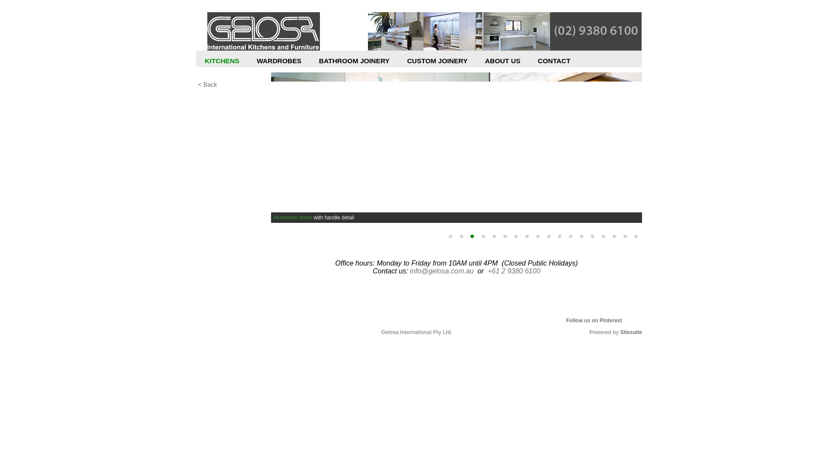 The width and height of the screenshot is (838, 471). I want to click on '17', so click(624, 236).